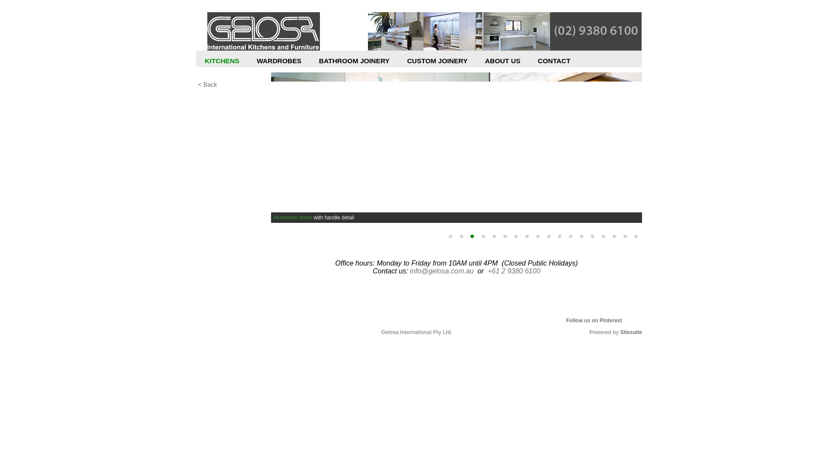 The width and height of the screenshot is (838, 471). I want to click on '17', so click(624, 236).